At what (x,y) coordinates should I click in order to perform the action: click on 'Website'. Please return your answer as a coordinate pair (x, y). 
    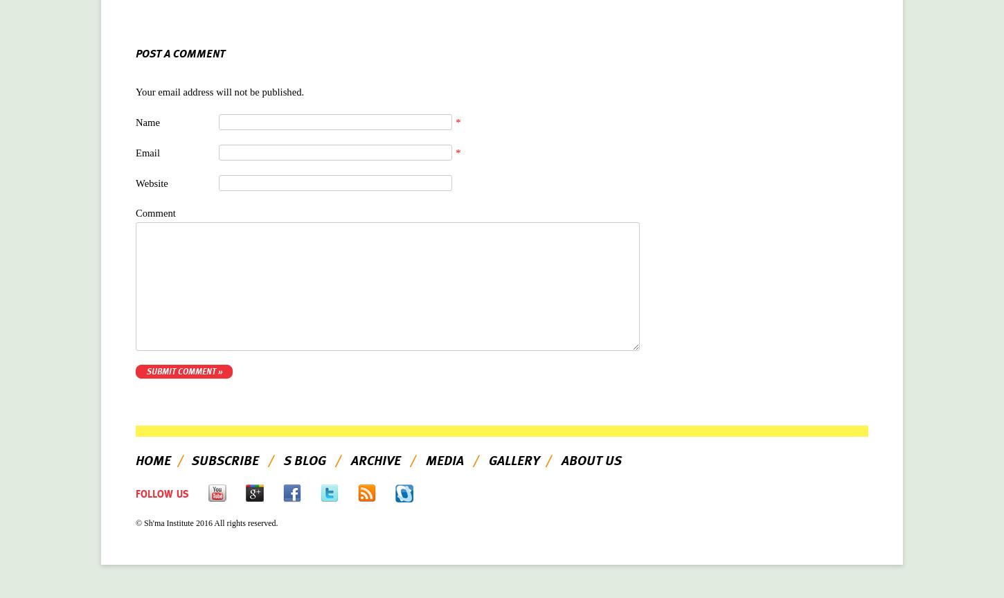
    Looking at the image, I should click on (150, 183).